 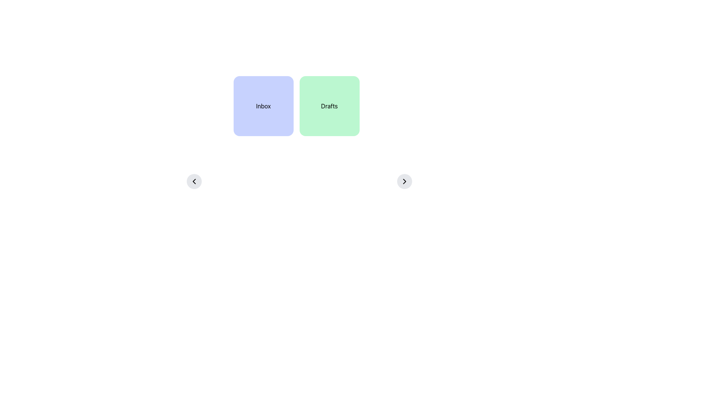 I want to click on the circular button with a gray background and a left-pointing chevron icon located at the vertical center of the panel to move left in the list, so click(x=194, y=181).